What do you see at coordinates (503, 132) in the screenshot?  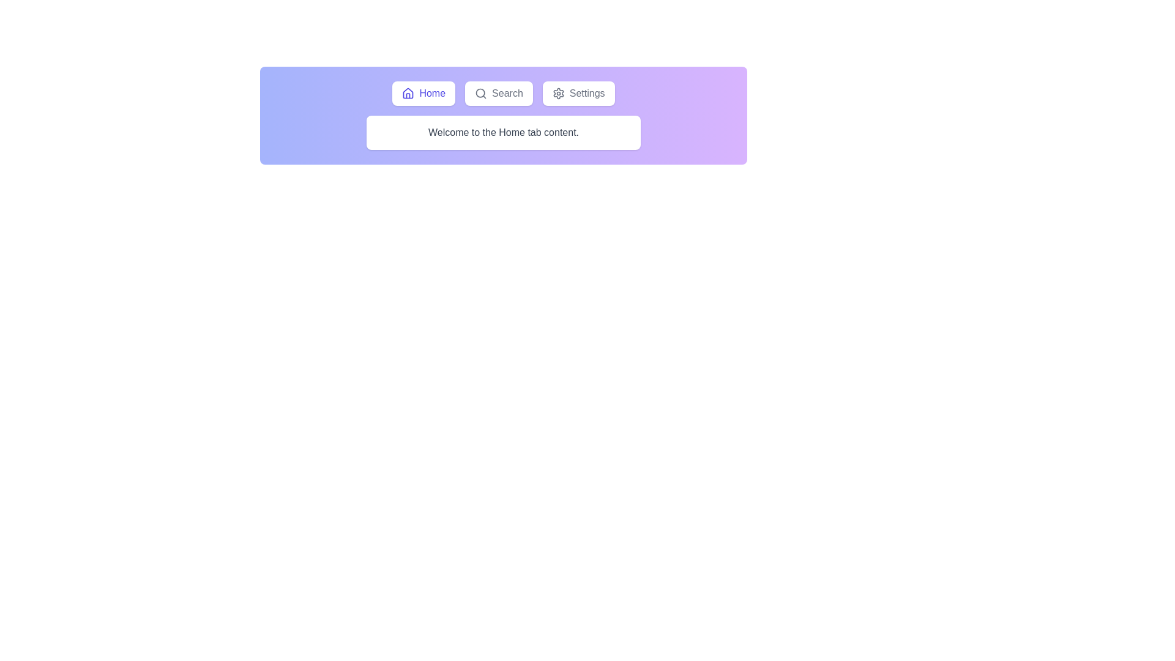 I see `the text label providing context or welcome information for the 'Home' section, which is centered below the navigation bar in a white rectangular box` at bounding box center [503, 132].